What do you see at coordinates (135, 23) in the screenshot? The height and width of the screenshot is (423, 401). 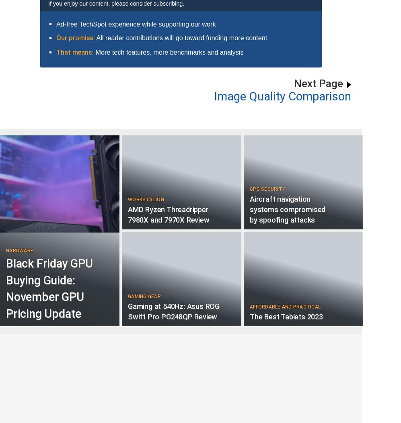 I see `'Ad-free TechSpot experience while supporting our work'` at bounding box center [135, 23].